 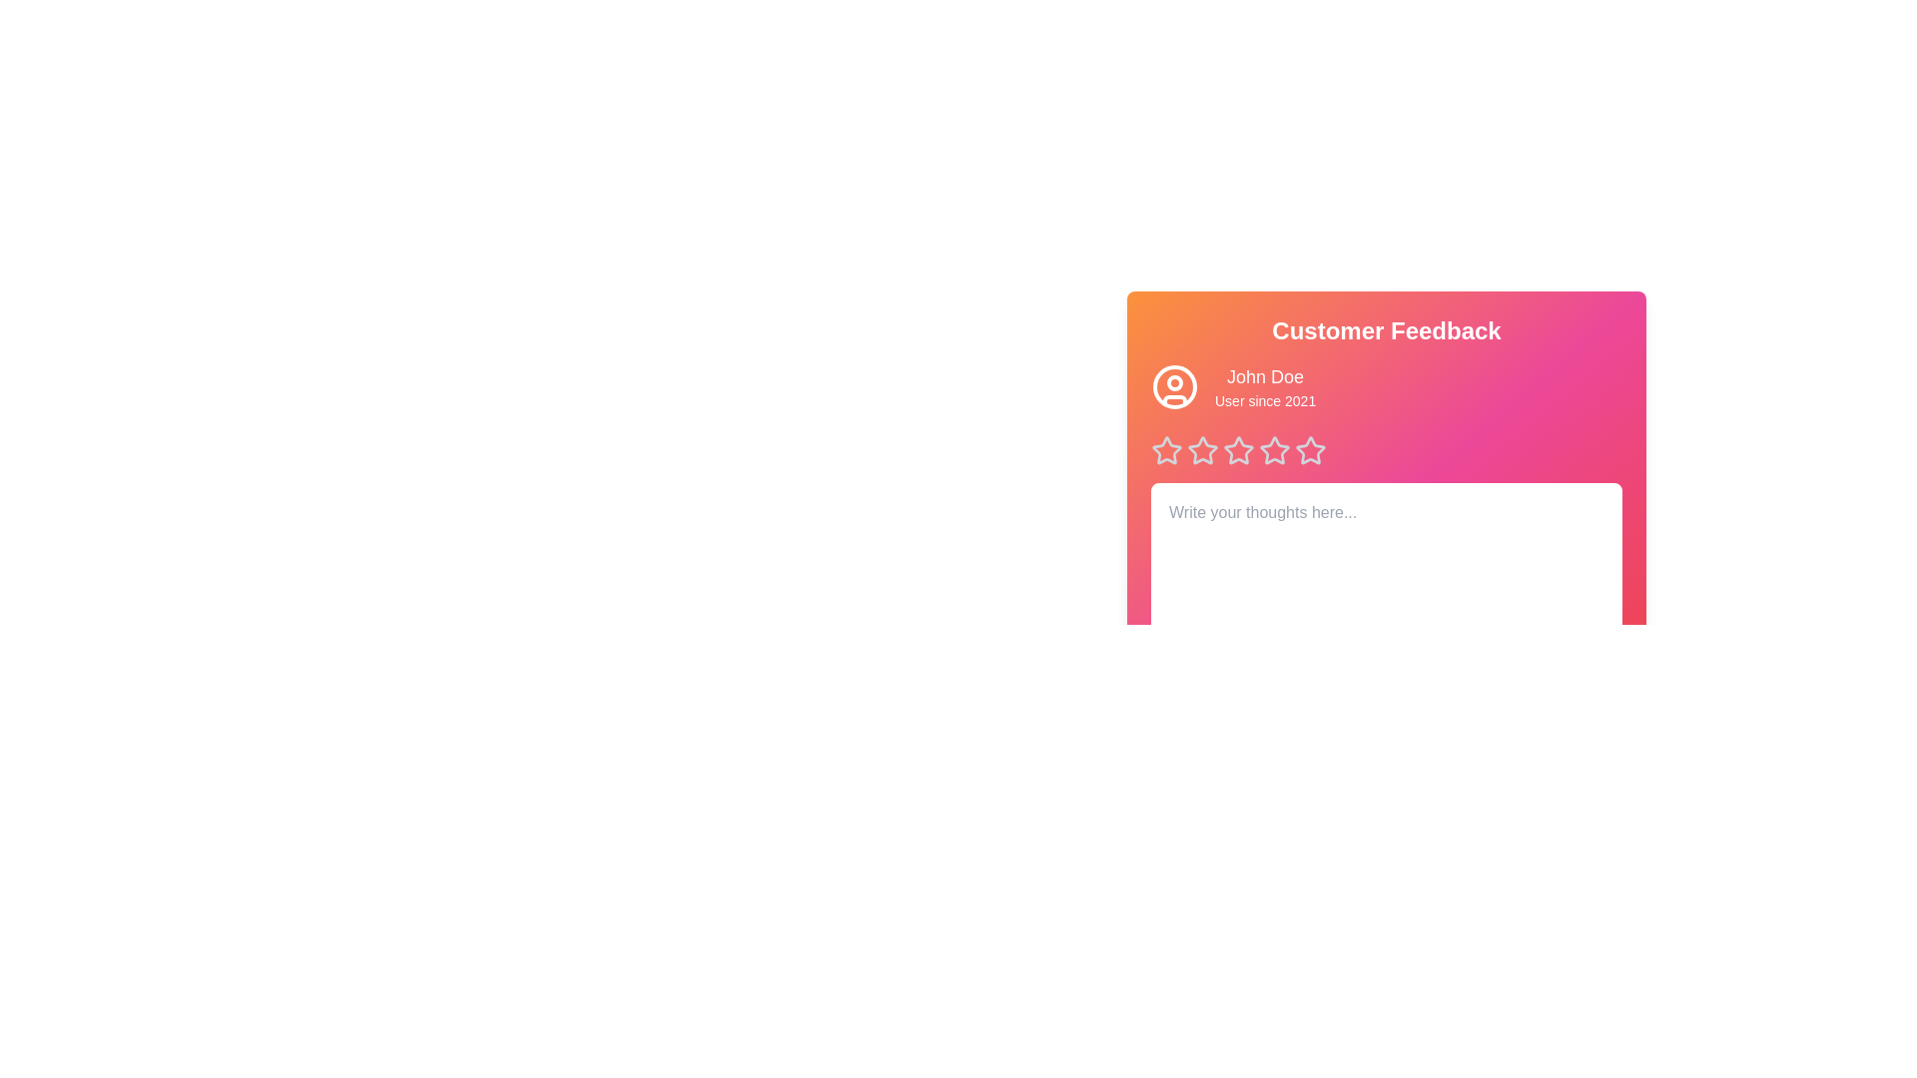 I want to click on the user icon to trigger visual feedback, so click(x=1174, y=387).